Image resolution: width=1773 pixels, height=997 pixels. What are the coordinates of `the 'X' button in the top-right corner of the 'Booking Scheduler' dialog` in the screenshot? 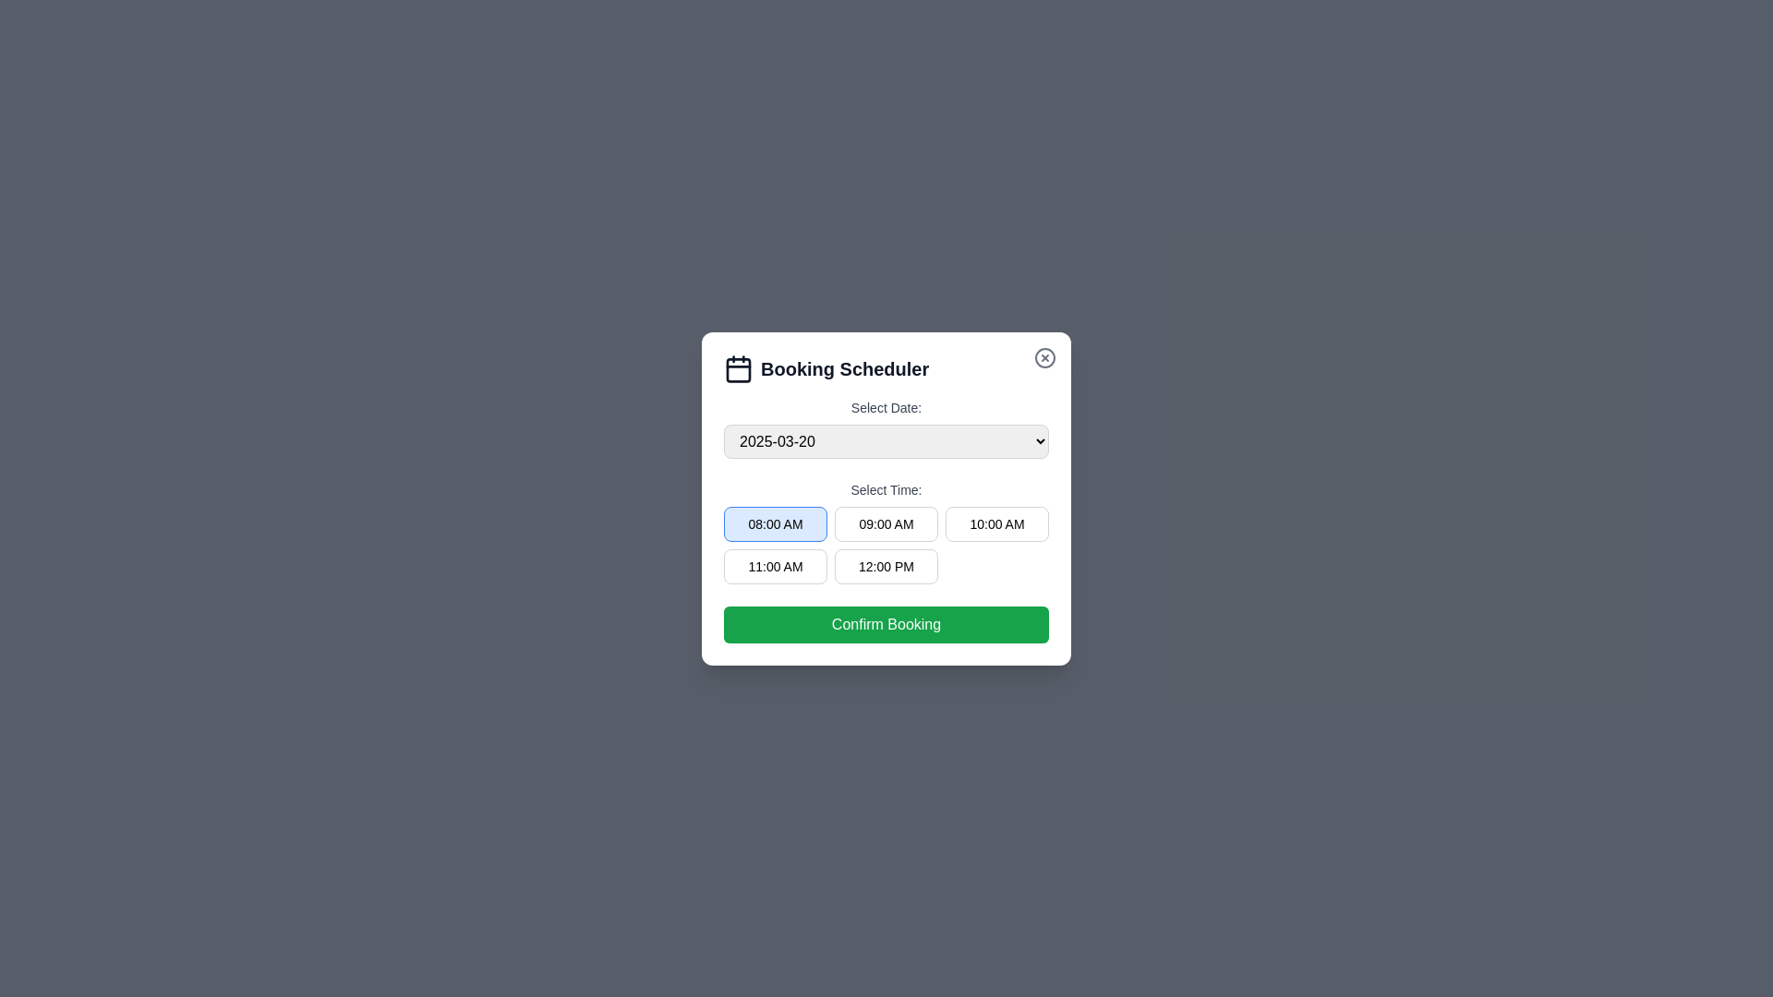 It's located at (1045, 357).